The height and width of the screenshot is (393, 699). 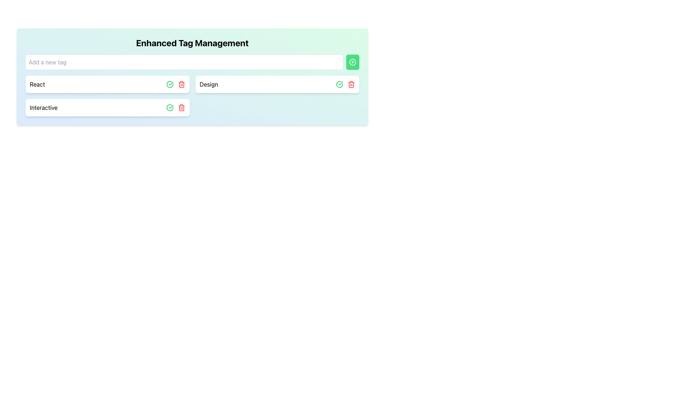 I want to click on the interactive icon embedded in the green button, so click(x=353, y=61).